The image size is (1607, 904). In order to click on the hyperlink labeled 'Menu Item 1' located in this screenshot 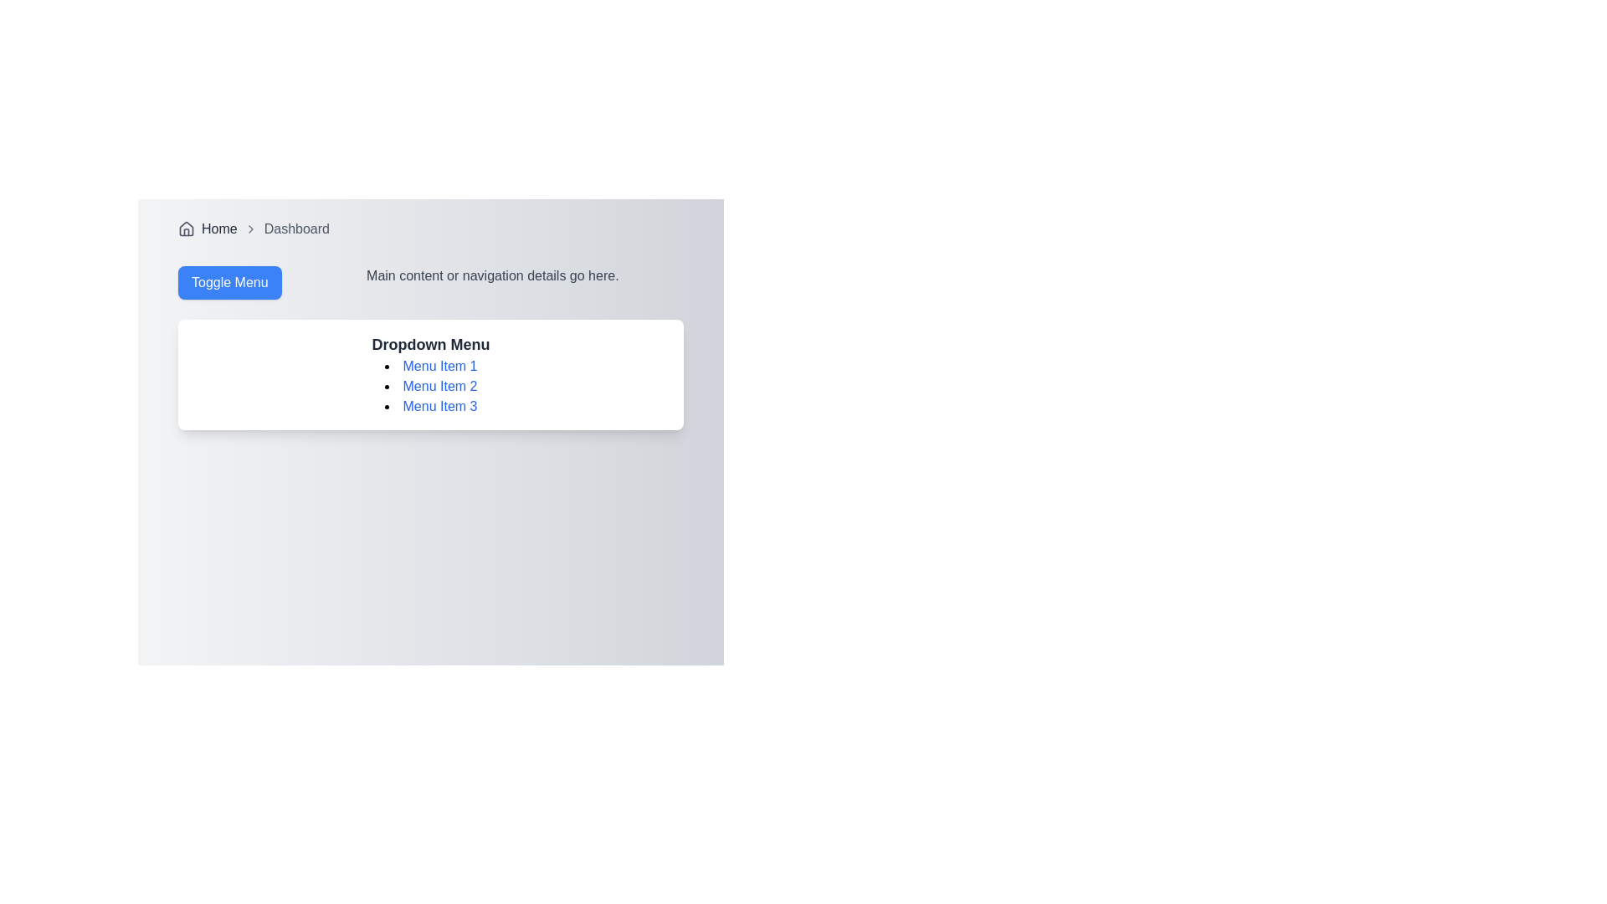, I will do `click(440, 365)`.